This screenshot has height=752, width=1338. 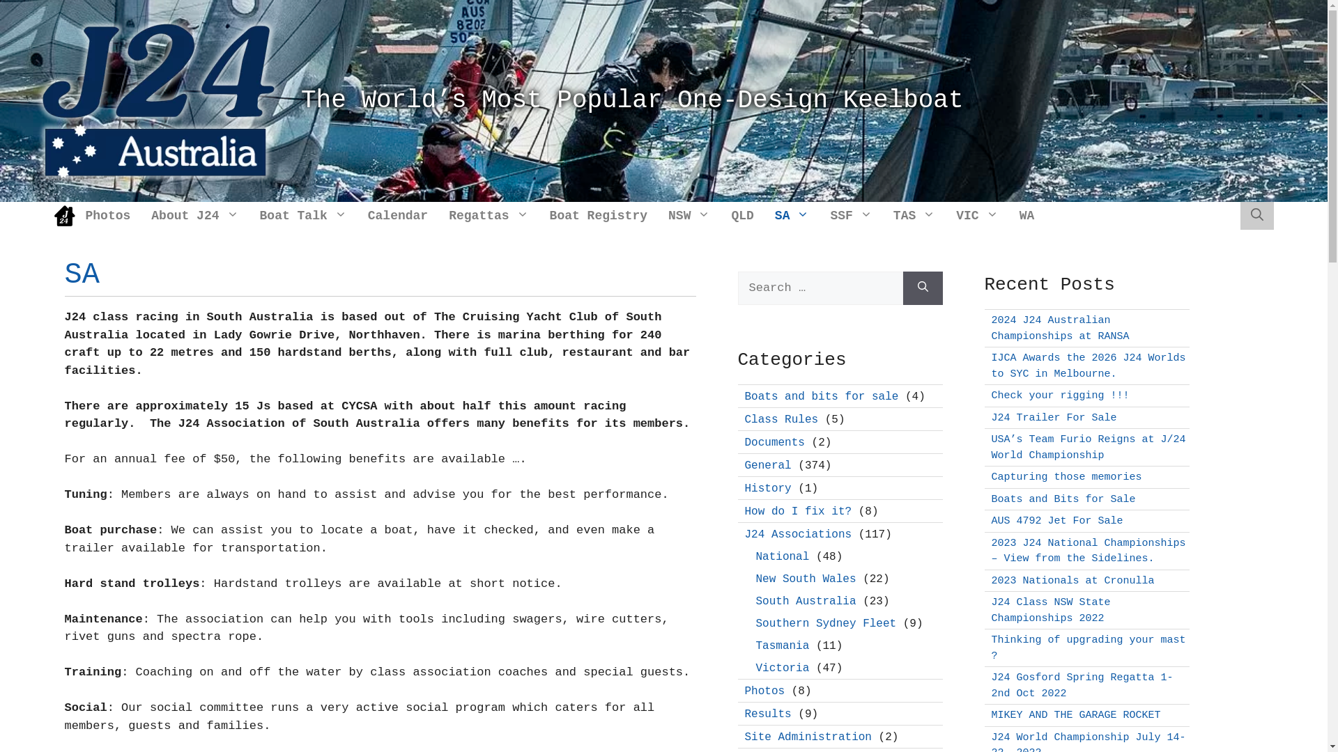 I want to click on 'Search for:', so click(x=820, y=287).